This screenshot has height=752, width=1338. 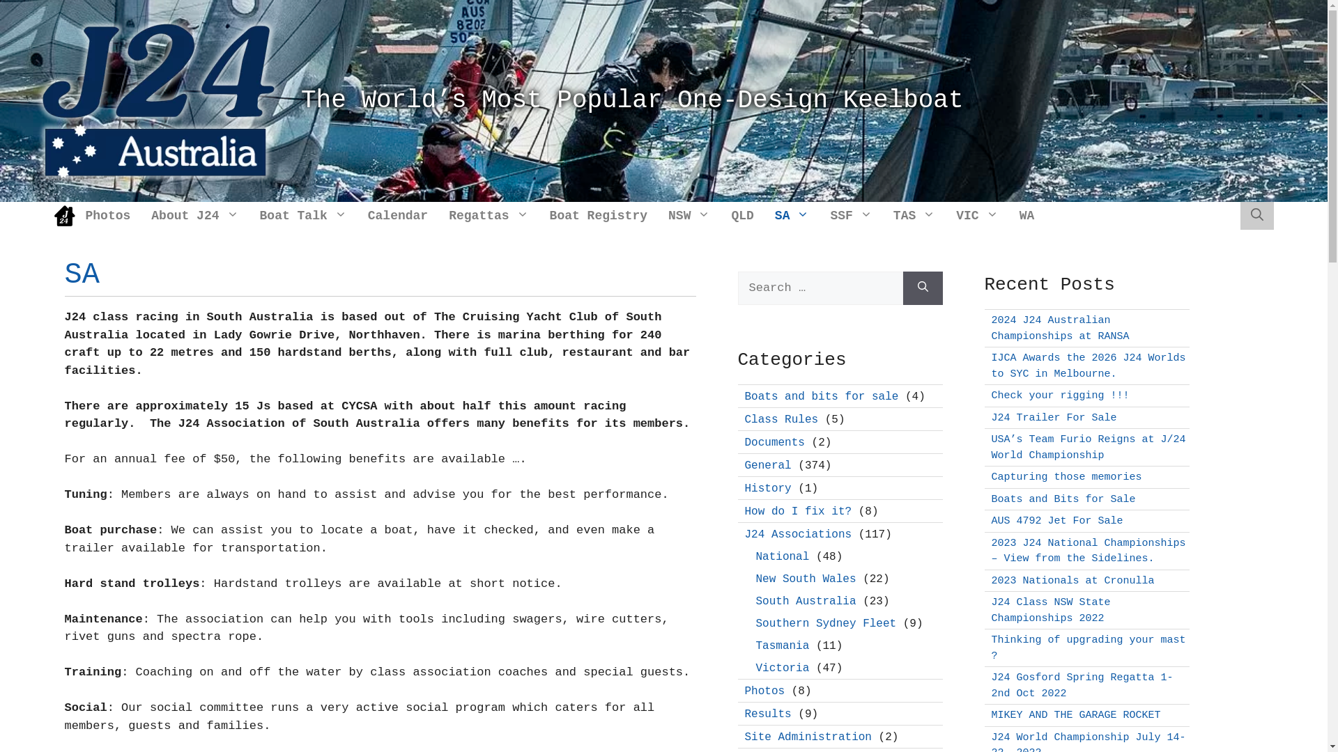 I want to click on 'Search for:', so click(x=820, y=287).